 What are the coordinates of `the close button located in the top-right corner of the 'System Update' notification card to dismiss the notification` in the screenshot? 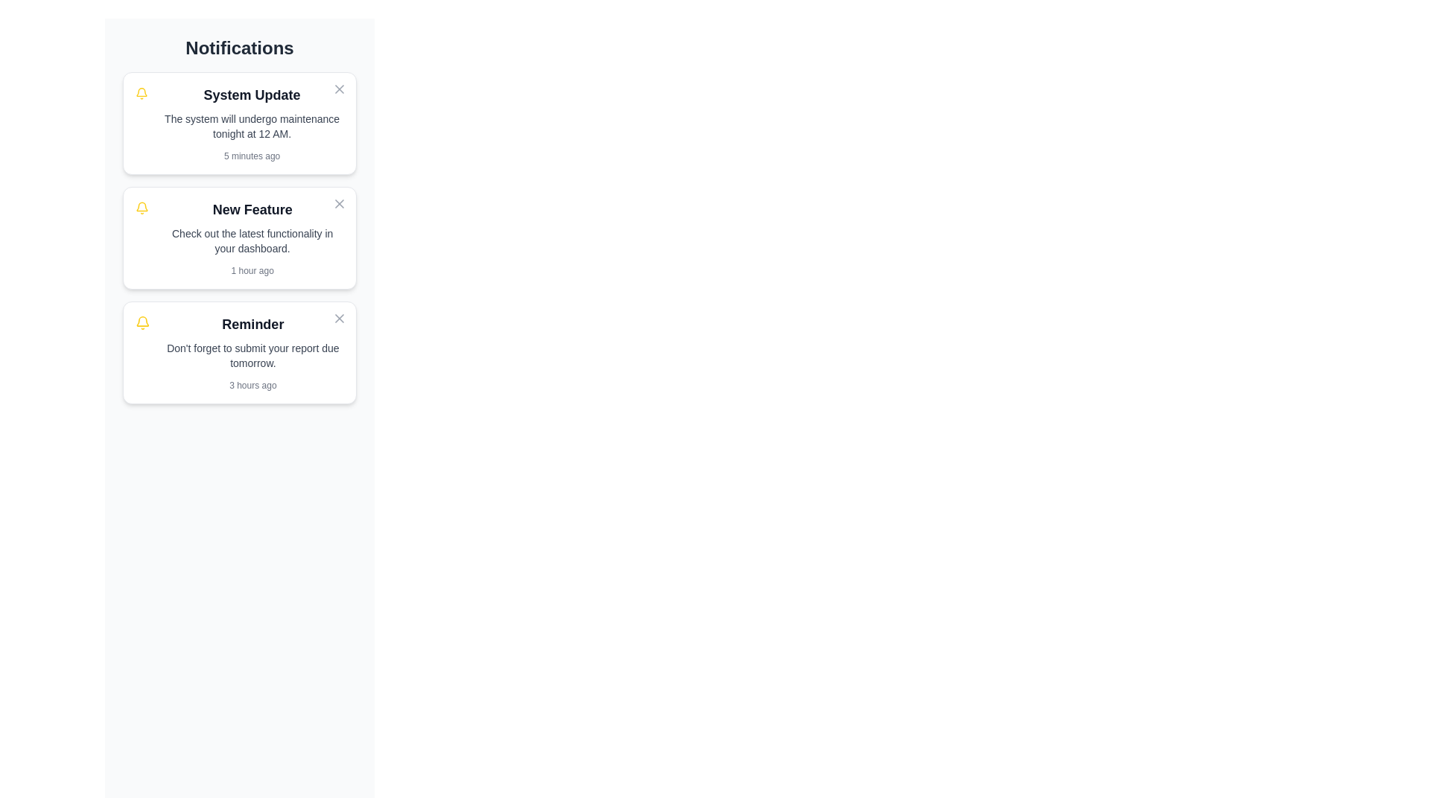 It's located at (339, 89).